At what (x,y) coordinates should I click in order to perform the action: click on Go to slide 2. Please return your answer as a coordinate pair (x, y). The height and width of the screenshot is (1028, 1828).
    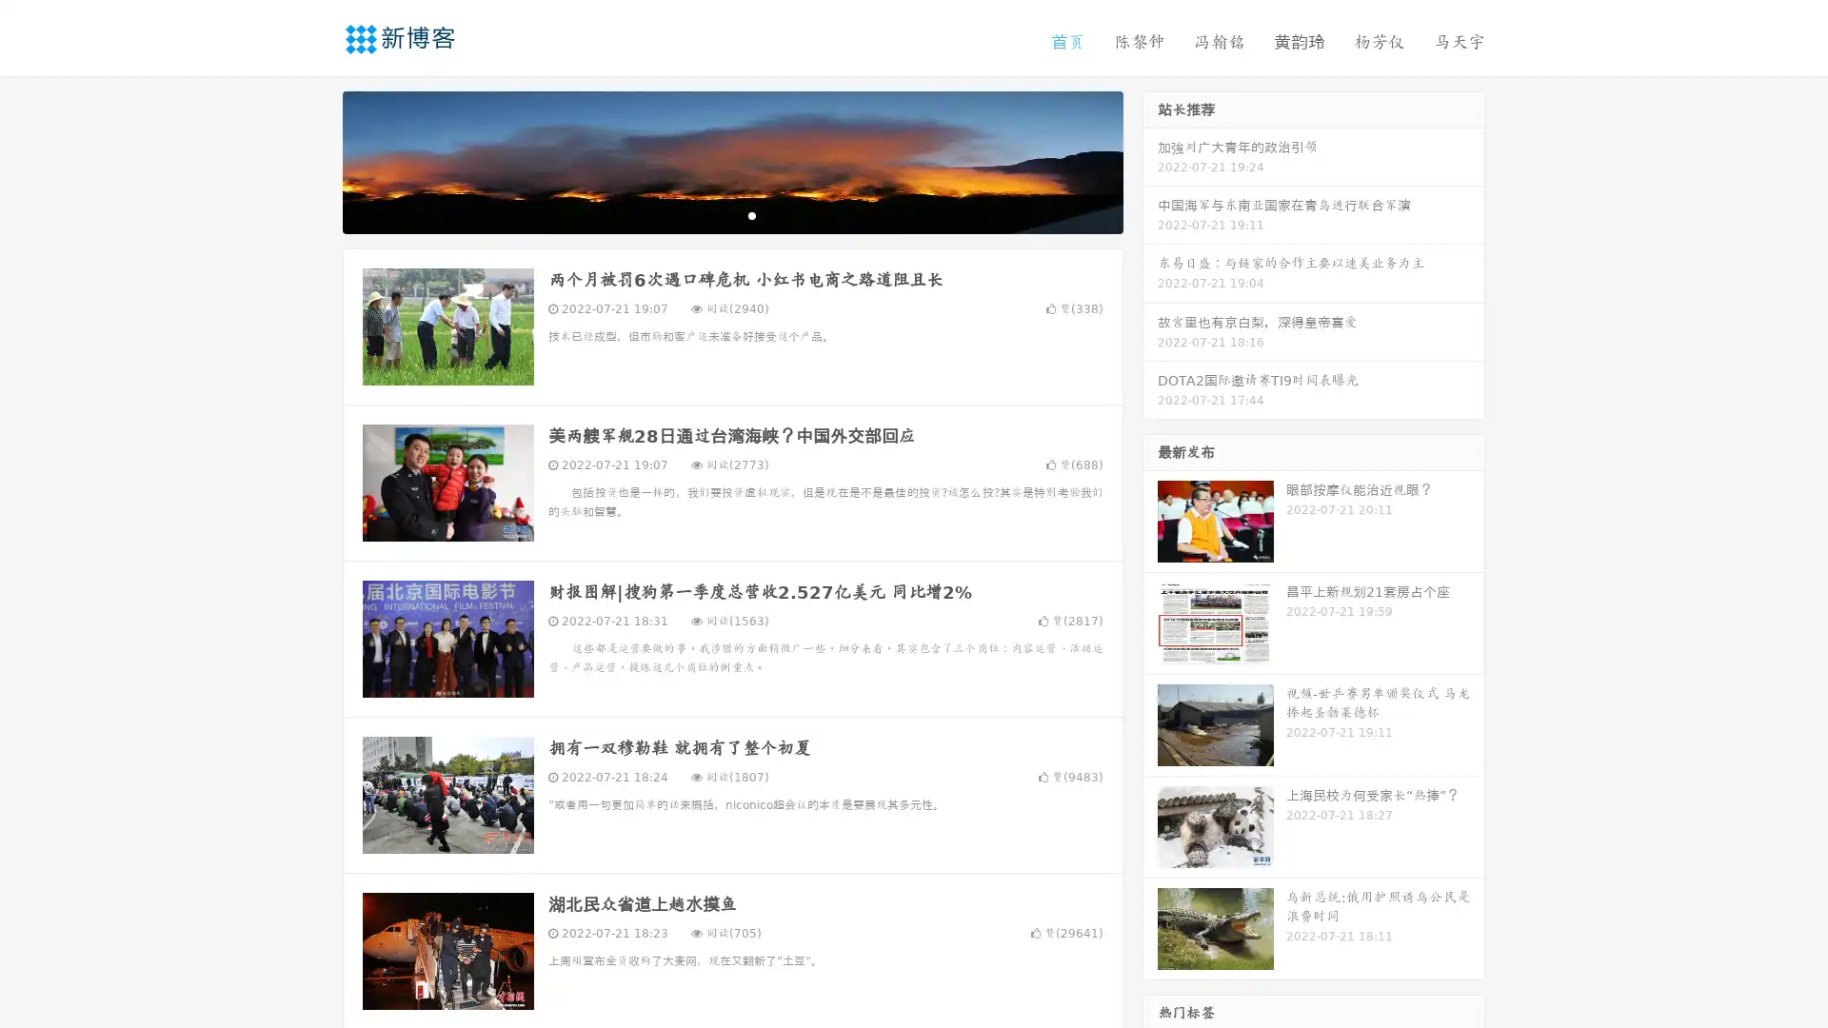
    Looking at the image, I should click on (731, 214).